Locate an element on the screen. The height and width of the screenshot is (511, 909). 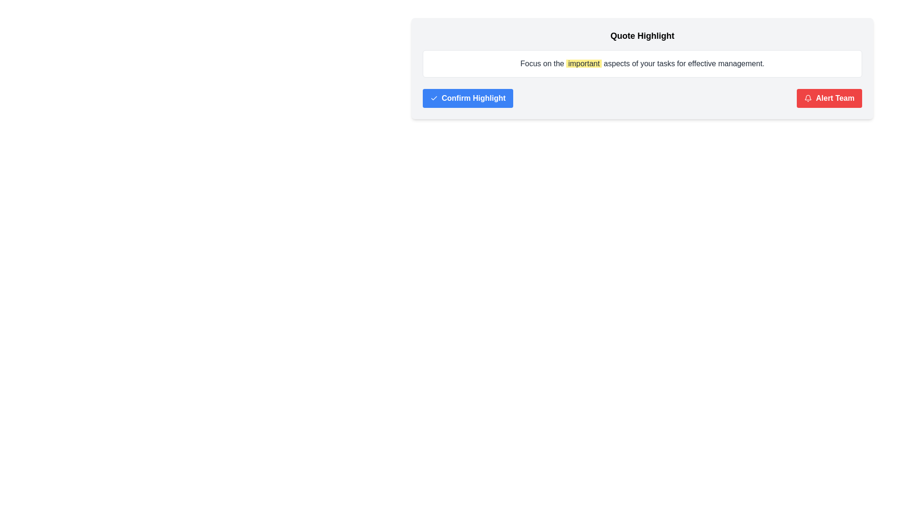
the checkmark icon located to the left side within the blue button labeled 'Confirm Highlight' is located at coordinates (433, 98).